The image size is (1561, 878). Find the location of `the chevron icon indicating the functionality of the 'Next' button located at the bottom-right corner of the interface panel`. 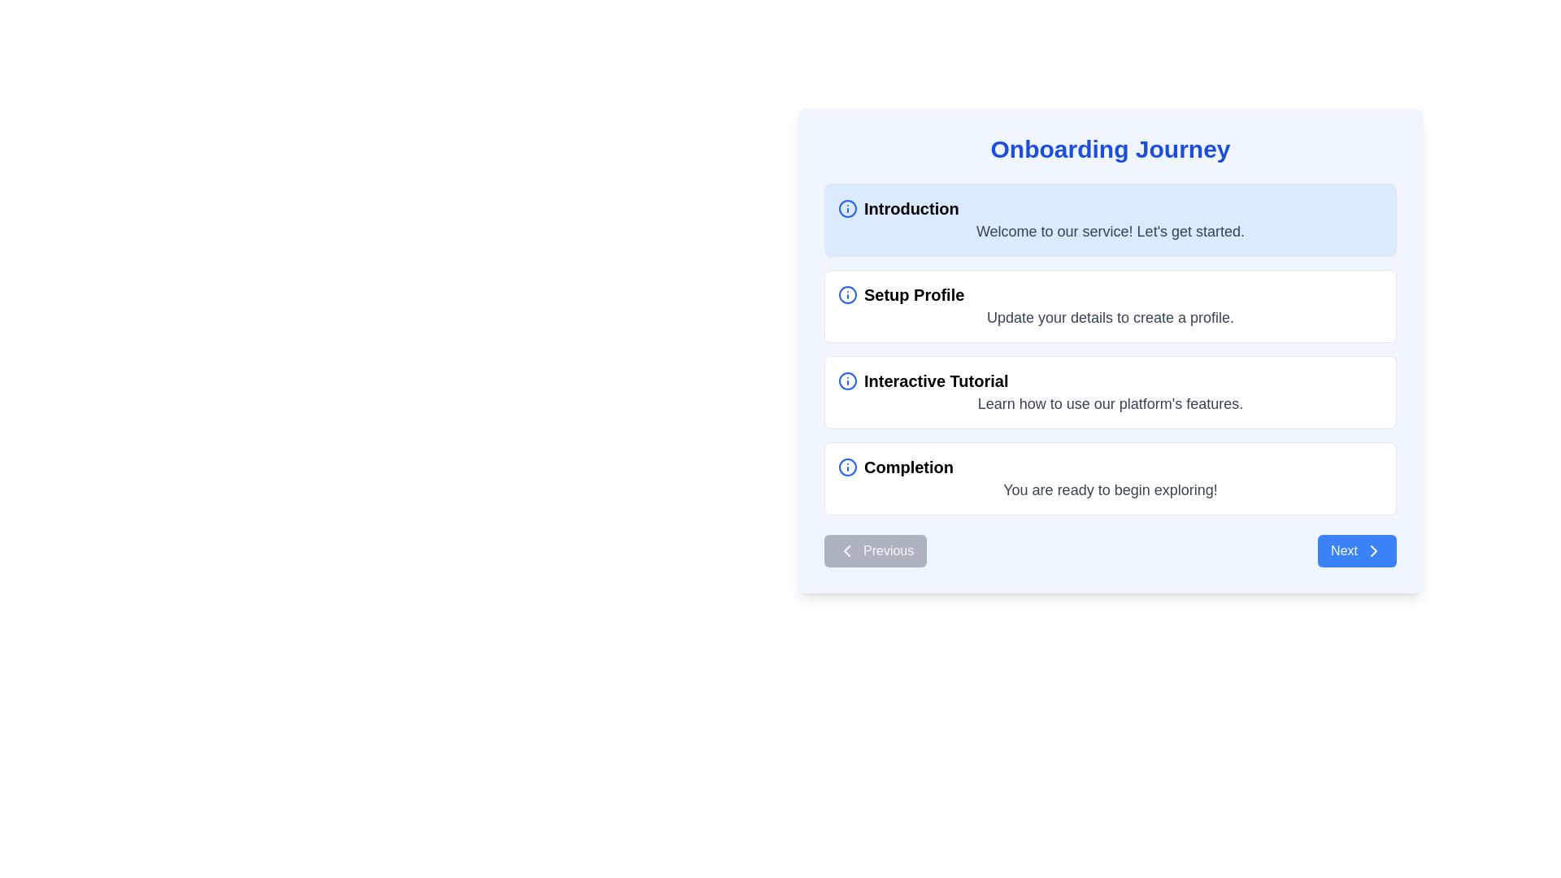

the chevron icon indicating the functionality of the 'Next' button located at the bottom-right corner of the interface panel is located at coordinates (1372, 550).